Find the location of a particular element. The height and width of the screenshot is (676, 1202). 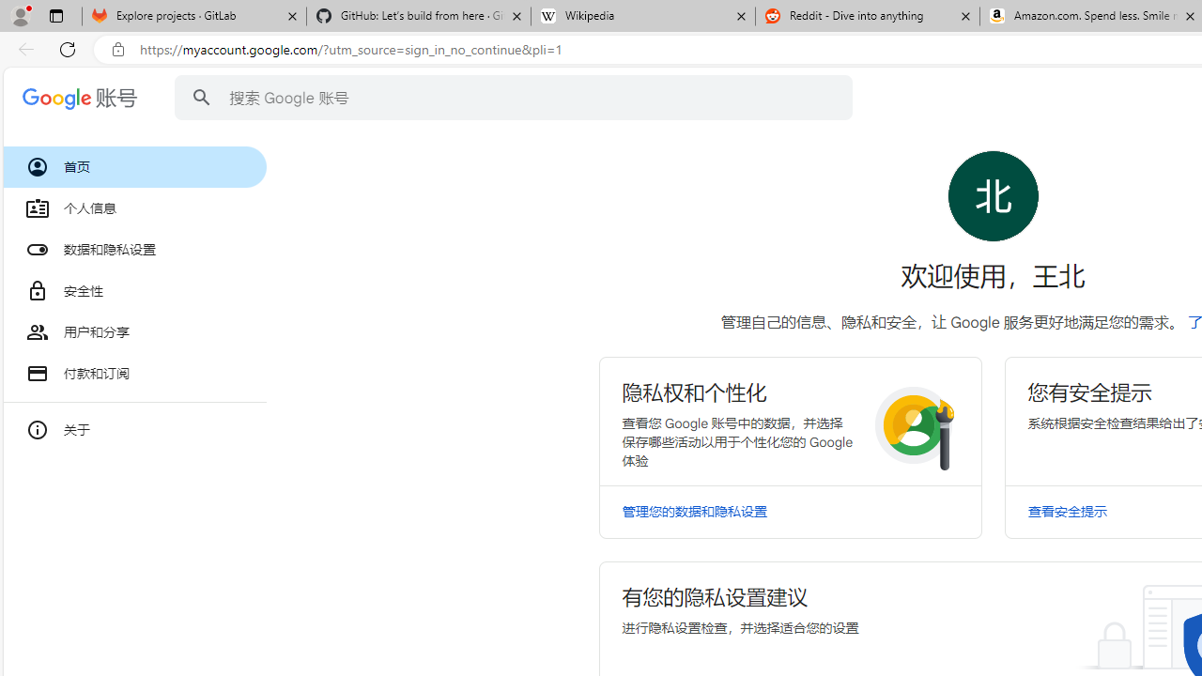

'Class: RlFDUe N5YmOc kJXJmd bvW4md I6g62c' is located at coordinates (789, 420).